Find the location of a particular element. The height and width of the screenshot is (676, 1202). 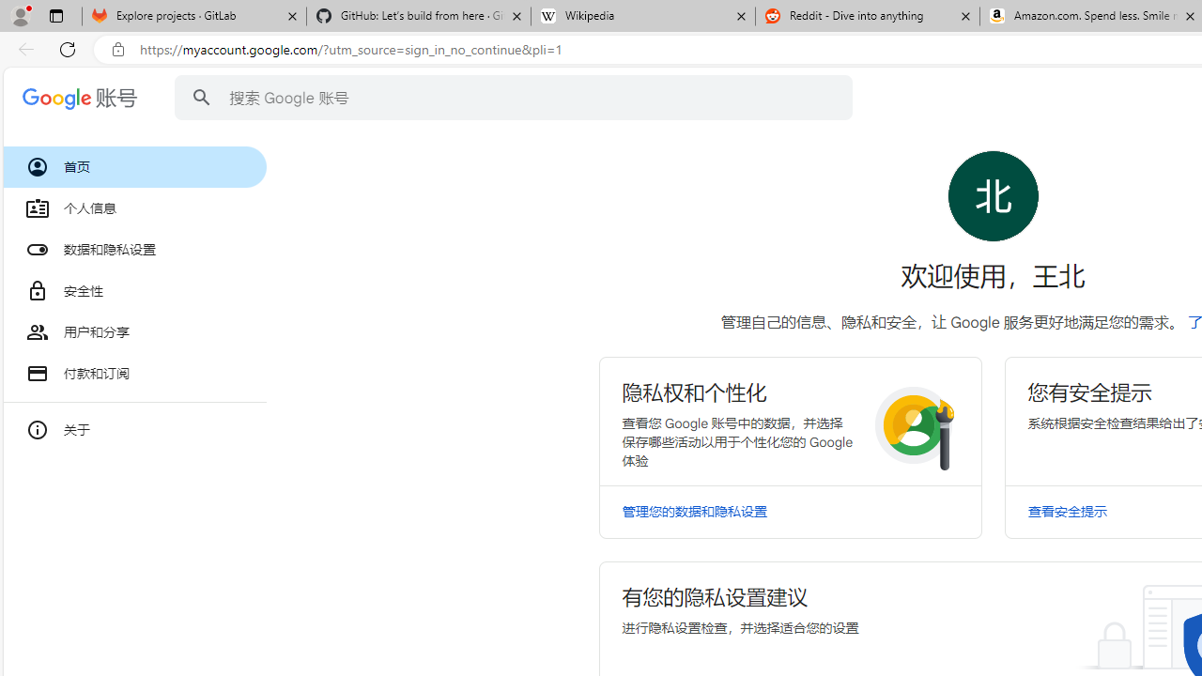

'Class: RlFDUe N5YmOc kJXJmd bvW4md I6g62c' is located at coordinates (789, 420).